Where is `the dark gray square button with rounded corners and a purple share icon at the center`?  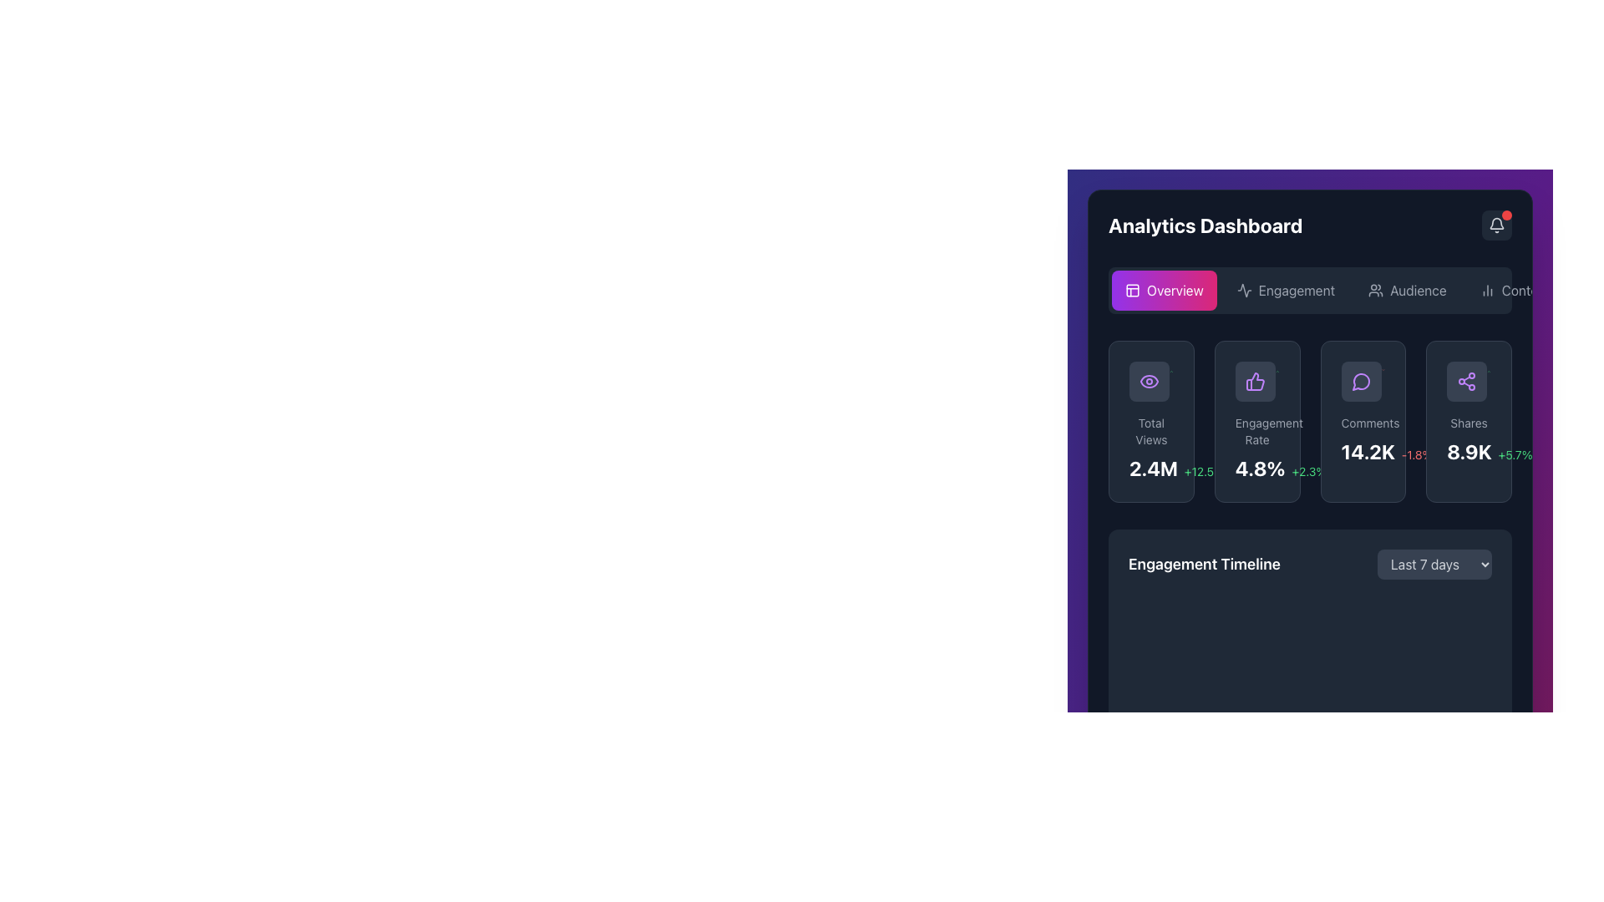
the dark gray square button with rounded corners and a purple share icon at the center is located at coordinates (1466, 381).